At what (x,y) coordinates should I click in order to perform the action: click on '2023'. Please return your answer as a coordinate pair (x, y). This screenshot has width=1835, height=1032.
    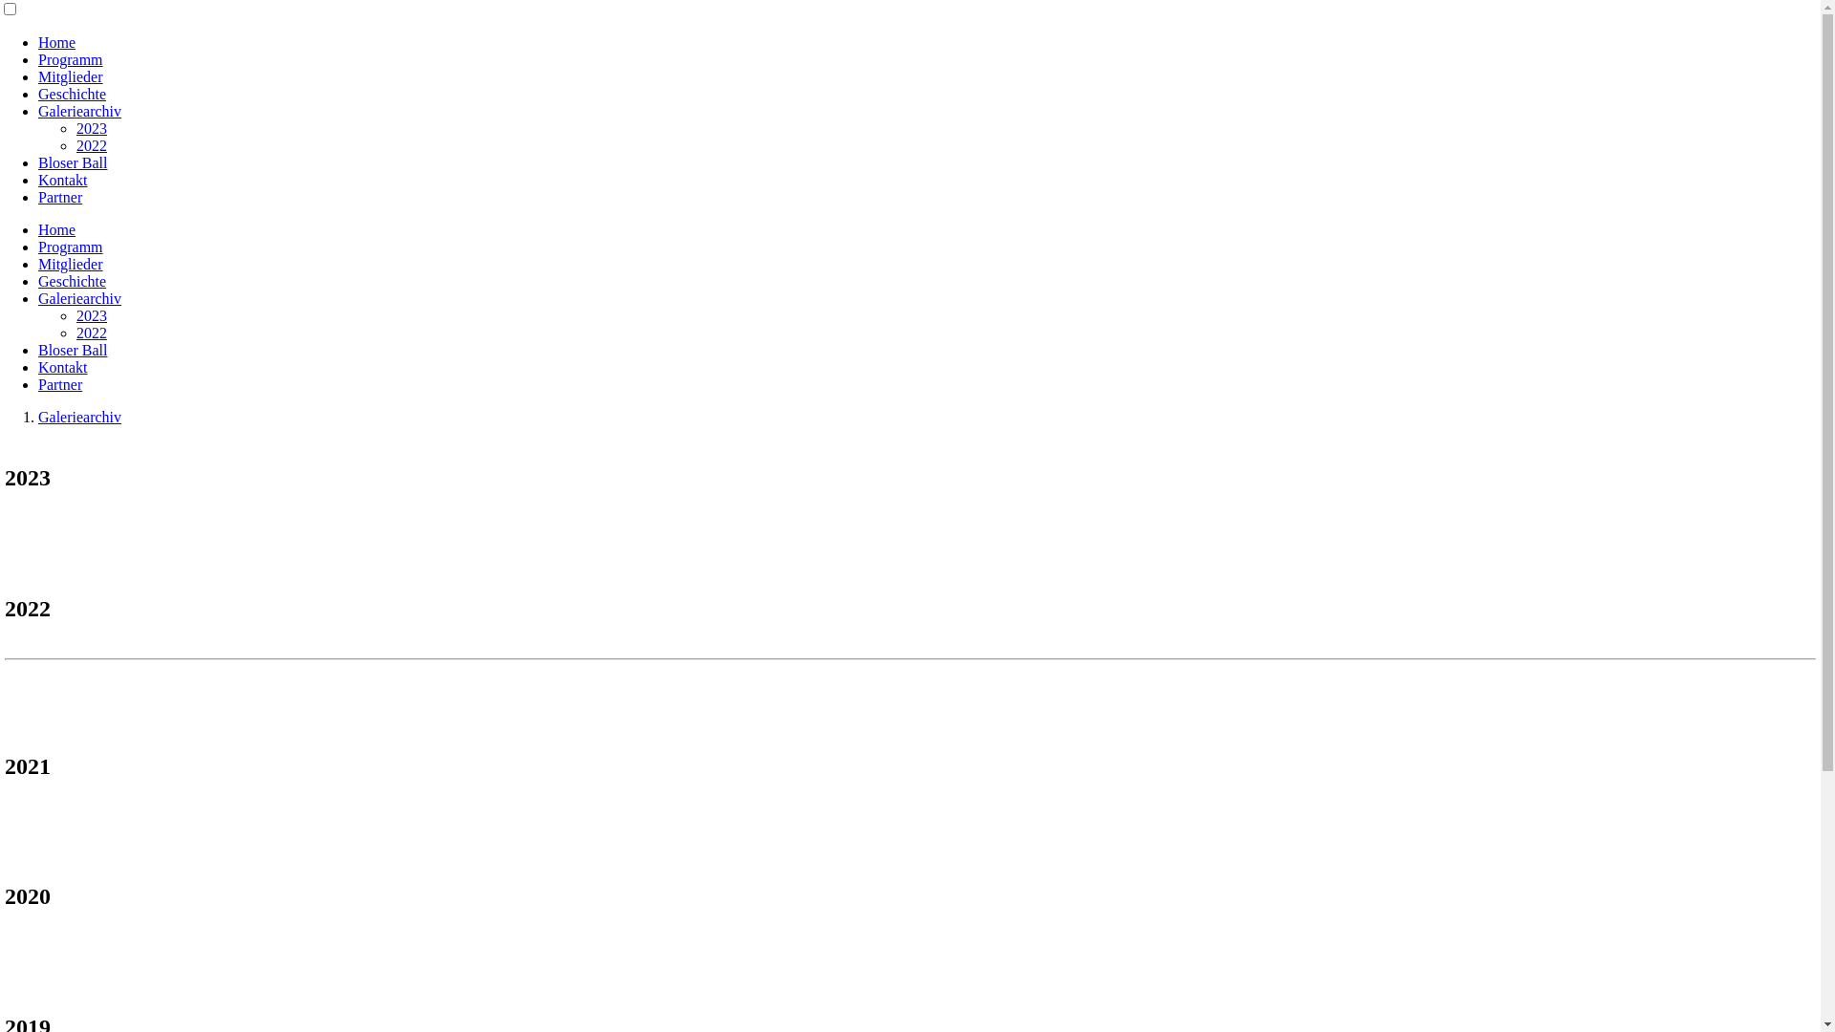
    Looking at the image, I should click on (76, 128).